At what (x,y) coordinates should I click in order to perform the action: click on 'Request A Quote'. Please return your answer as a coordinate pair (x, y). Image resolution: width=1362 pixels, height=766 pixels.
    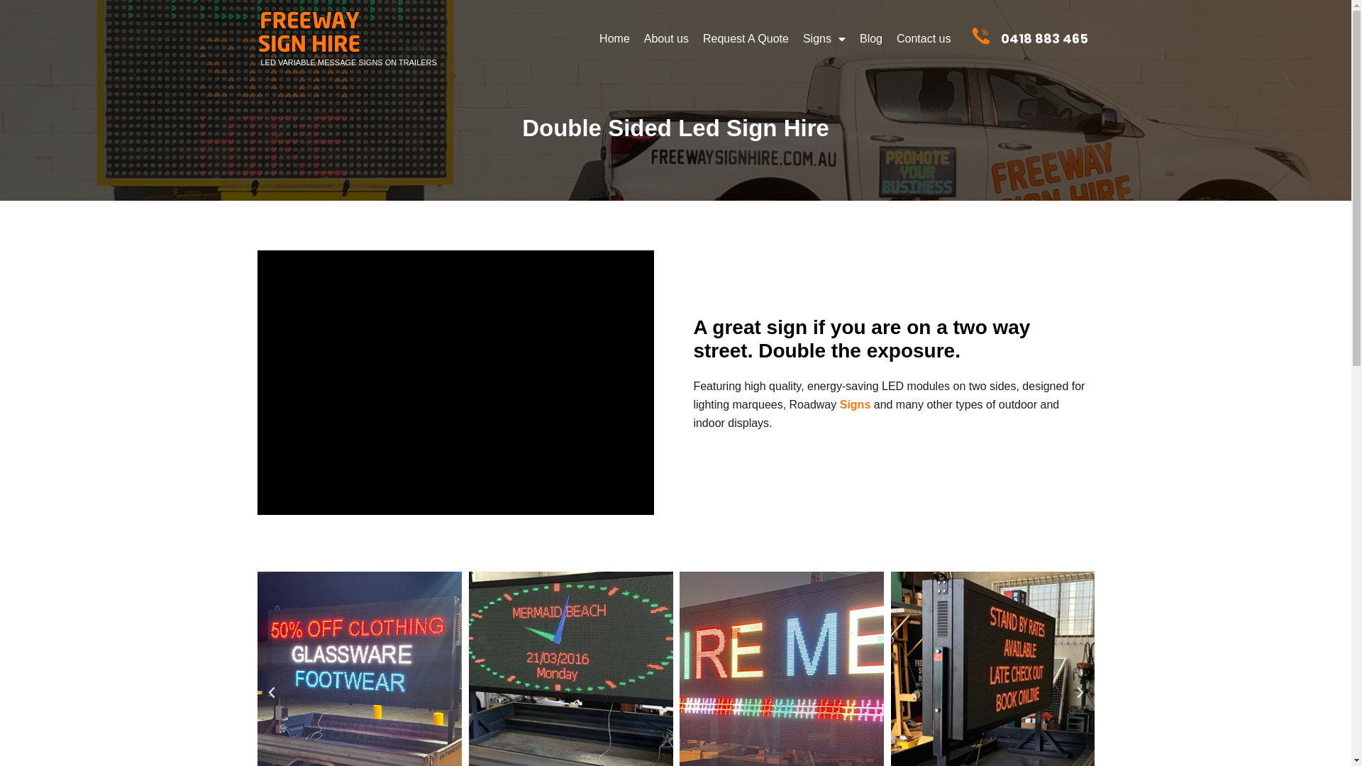
    Looking at the image, I should click on (745, 38).